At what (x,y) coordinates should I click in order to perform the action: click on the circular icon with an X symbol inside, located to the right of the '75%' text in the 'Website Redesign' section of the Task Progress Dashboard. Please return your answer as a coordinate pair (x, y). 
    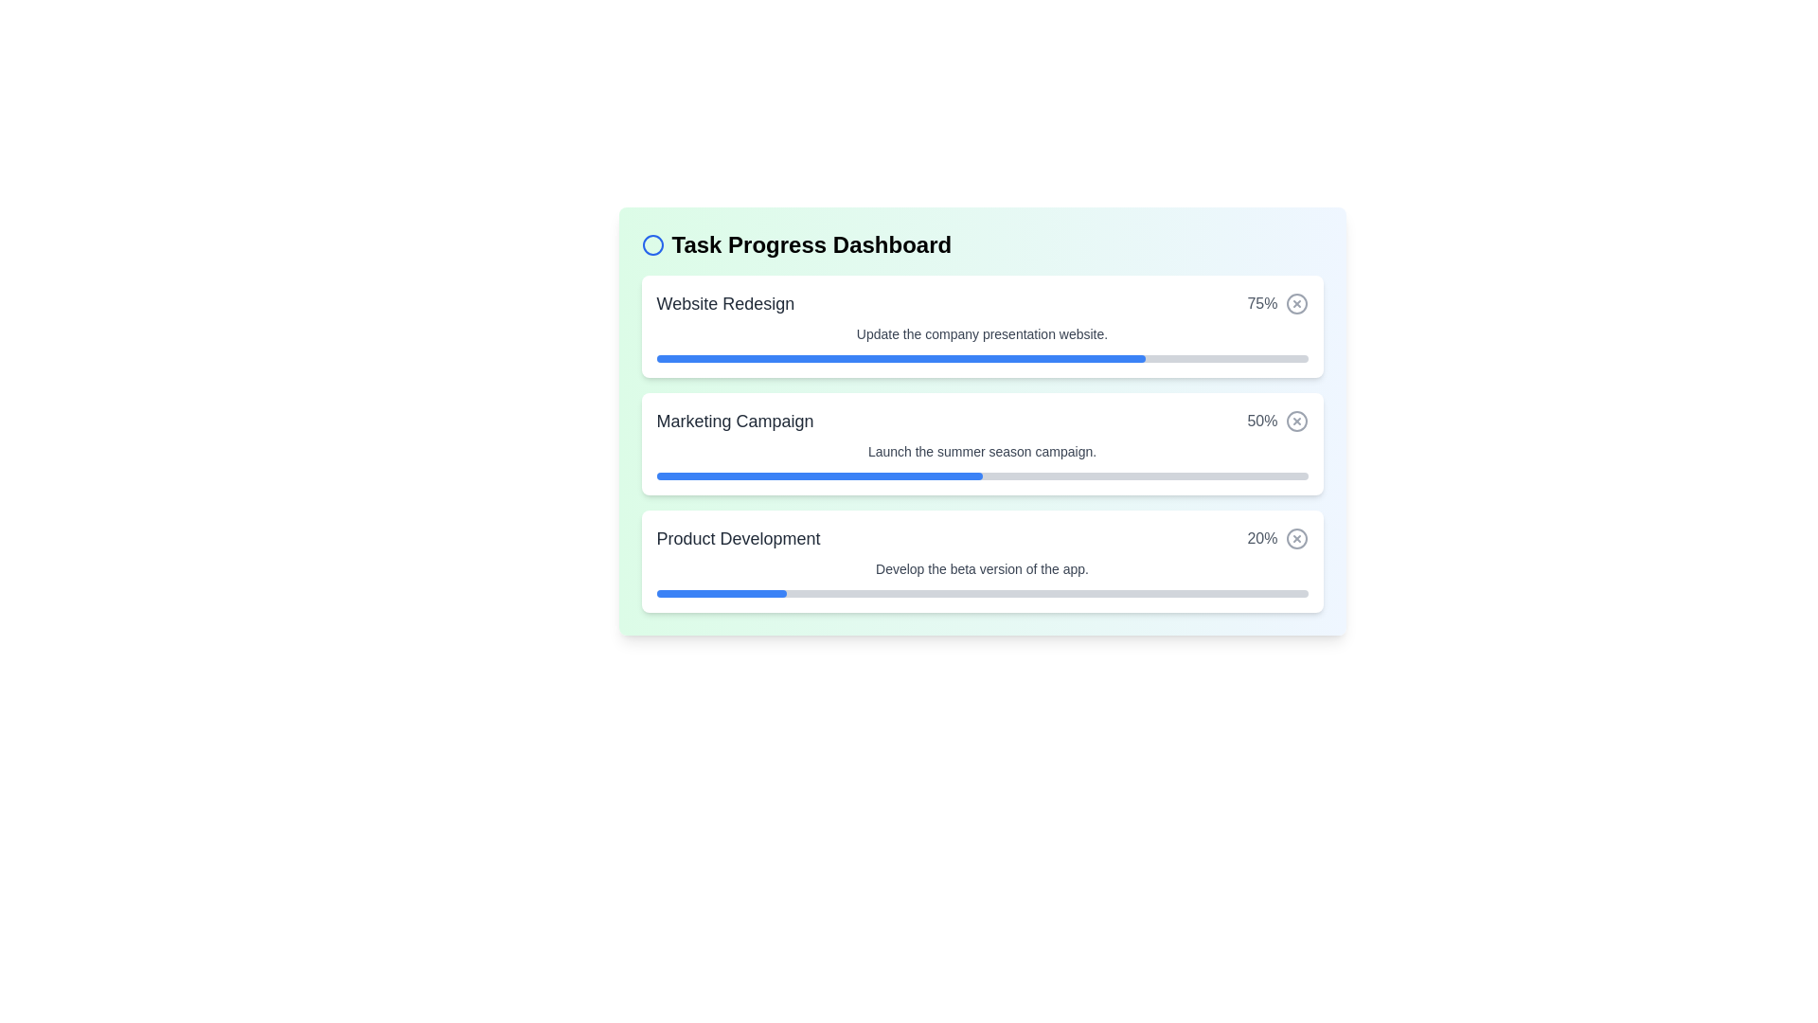
    Looking at the image, I should click on (1295, 302).